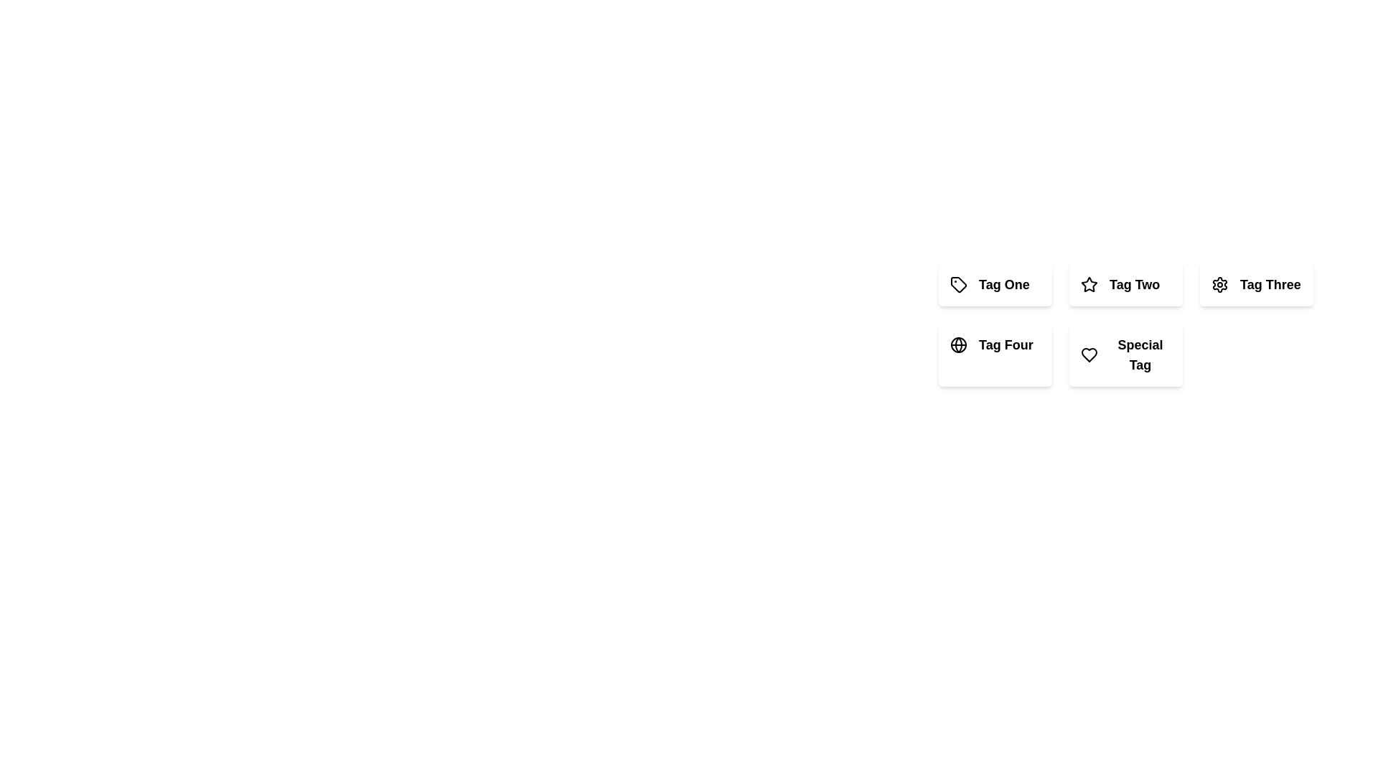 Image resolution: width=1378 pixels, height=775 pixels. Describe the element at coordinates (995, 285) in the screenshot. I see `the 'Tag One' button, which is the top-left component in a grid of tags and features a tag icon followed by the text 'Tag One'` at that location.